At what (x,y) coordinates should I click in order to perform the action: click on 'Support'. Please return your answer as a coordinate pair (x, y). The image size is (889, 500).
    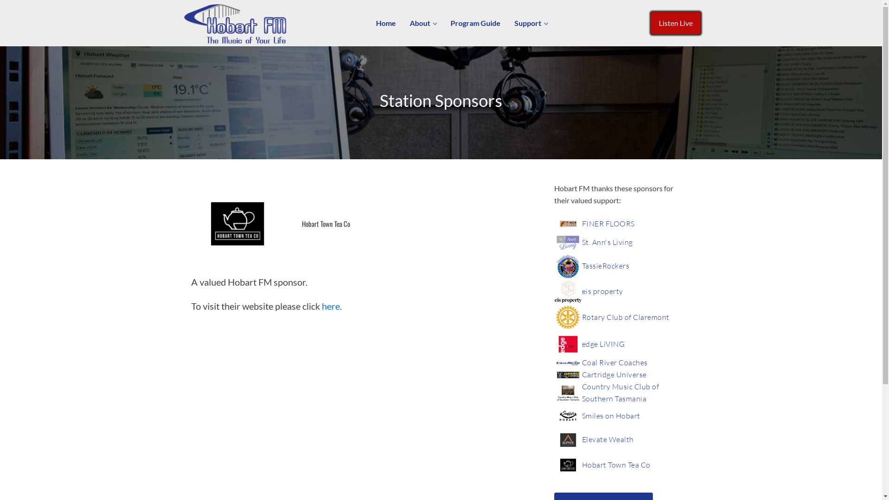
    Looking at the image, I should click on (531, 23).